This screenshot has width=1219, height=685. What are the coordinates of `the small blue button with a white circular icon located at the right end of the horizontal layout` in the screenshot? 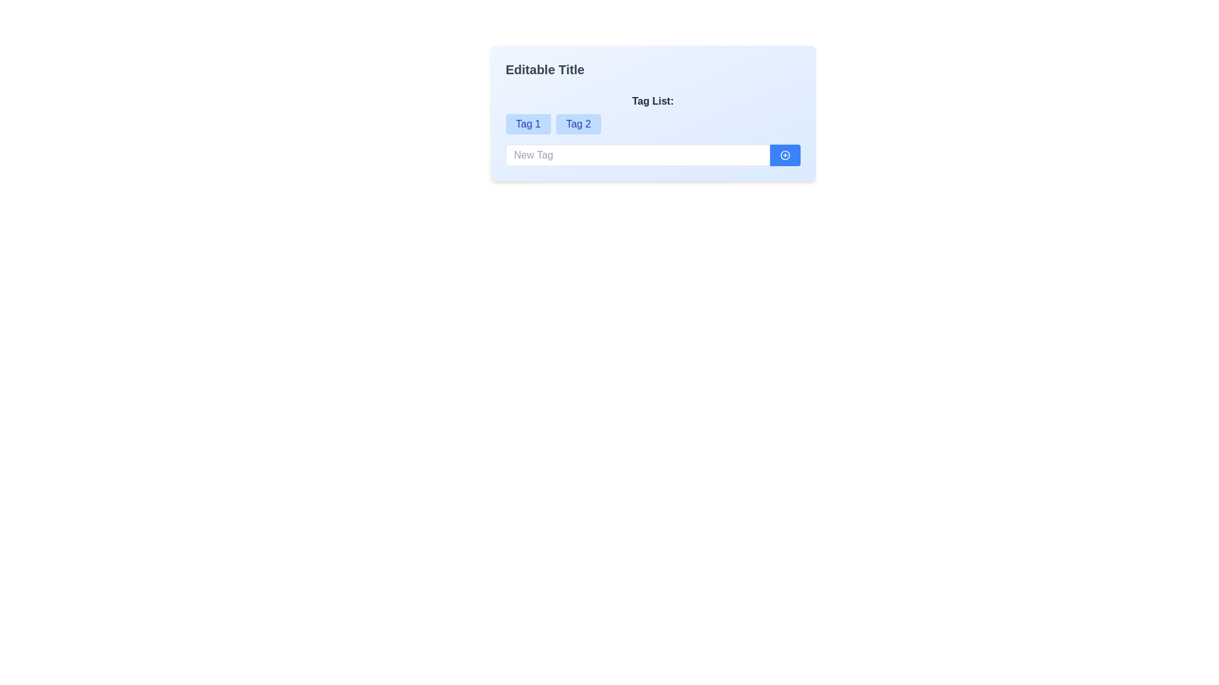 It's located at (784, 155).